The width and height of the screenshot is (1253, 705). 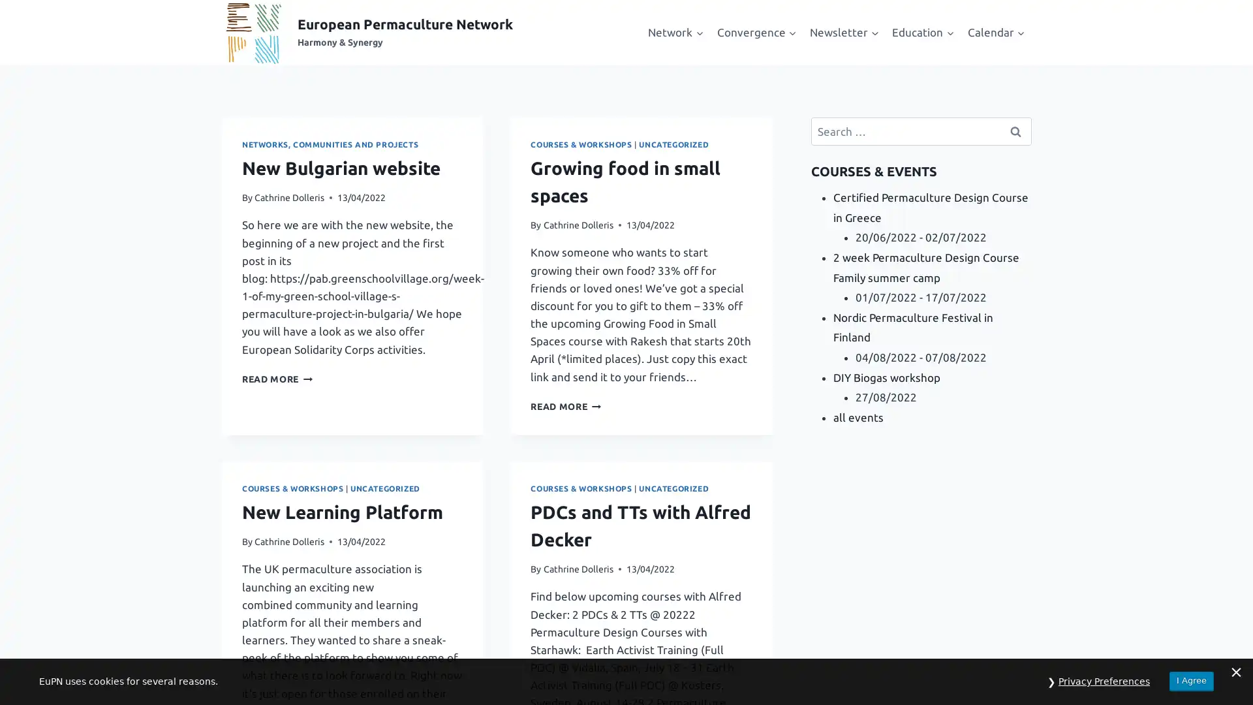 What do you see at coordinates (995, 31) in the screenshot?
I see `Expand child menu` at bounding box center [995, 31].